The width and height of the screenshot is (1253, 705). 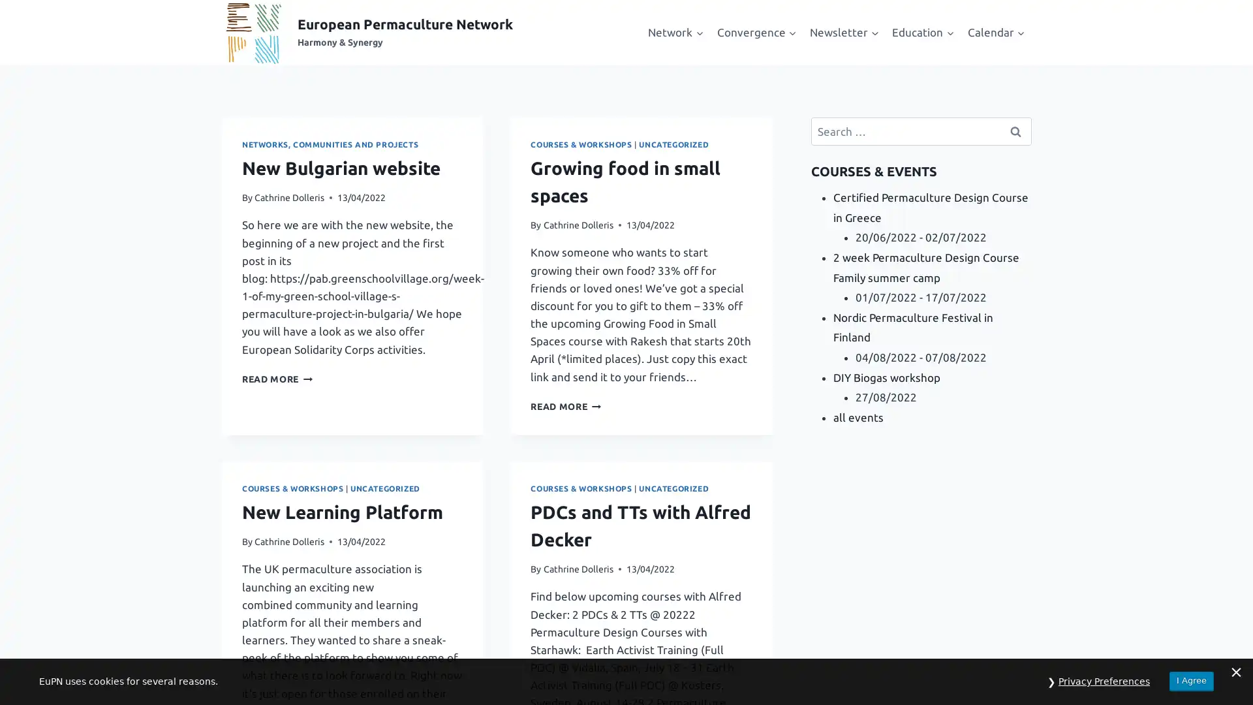 What do you see at coordinates (995, 31) in the screenshot?
I see `Expand child menu` at bounding box center [995, 31].